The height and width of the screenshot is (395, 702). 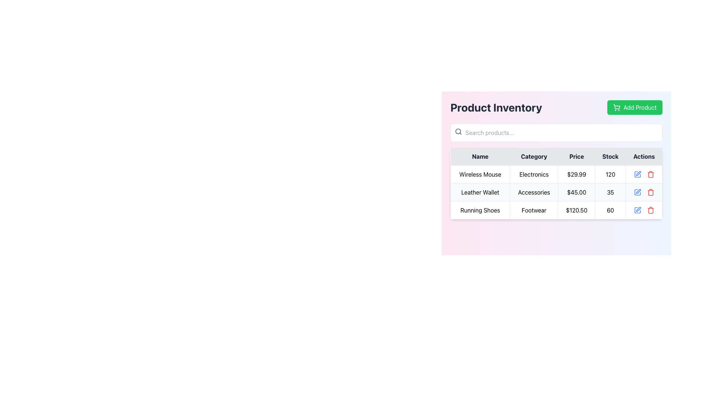 I want to click on the text label displaying 'Footwear' in the 'Category' column of the 'Running Shoes' row in the product inventory table, so click(x=534, y=210).